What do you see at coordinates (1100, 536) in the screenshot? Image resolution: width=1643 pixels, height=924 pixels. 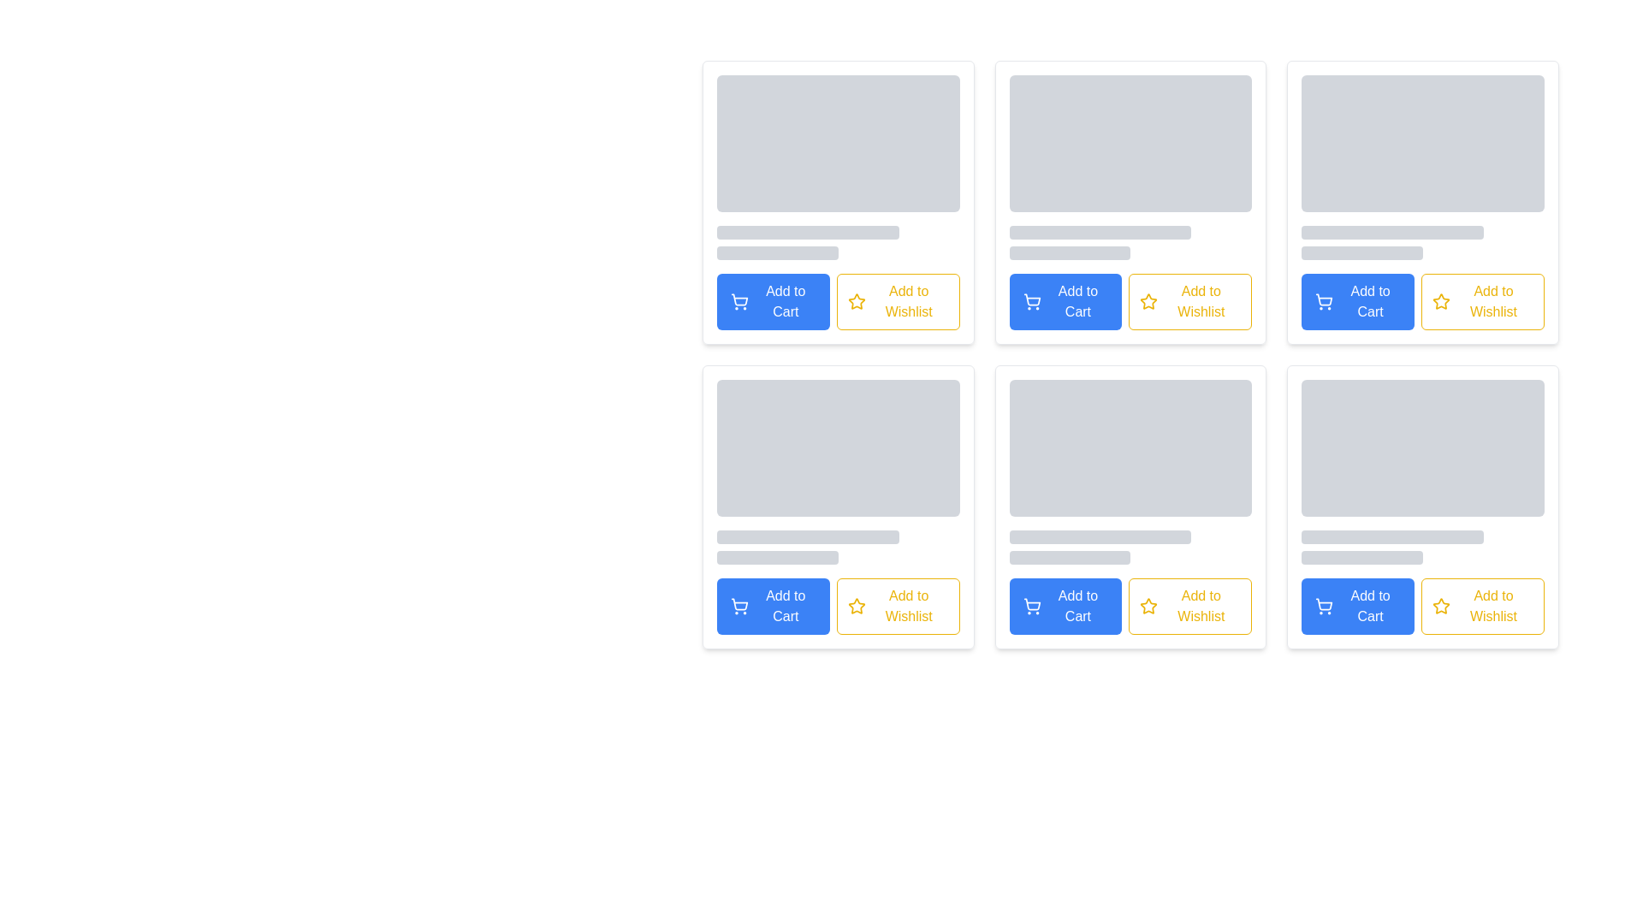 I see `the non-interactive placeholder bar that serves as a progress indication, located between a larger rectangular component and a shorter horizontal bar in the interface` at bounding box center [1100, 536].